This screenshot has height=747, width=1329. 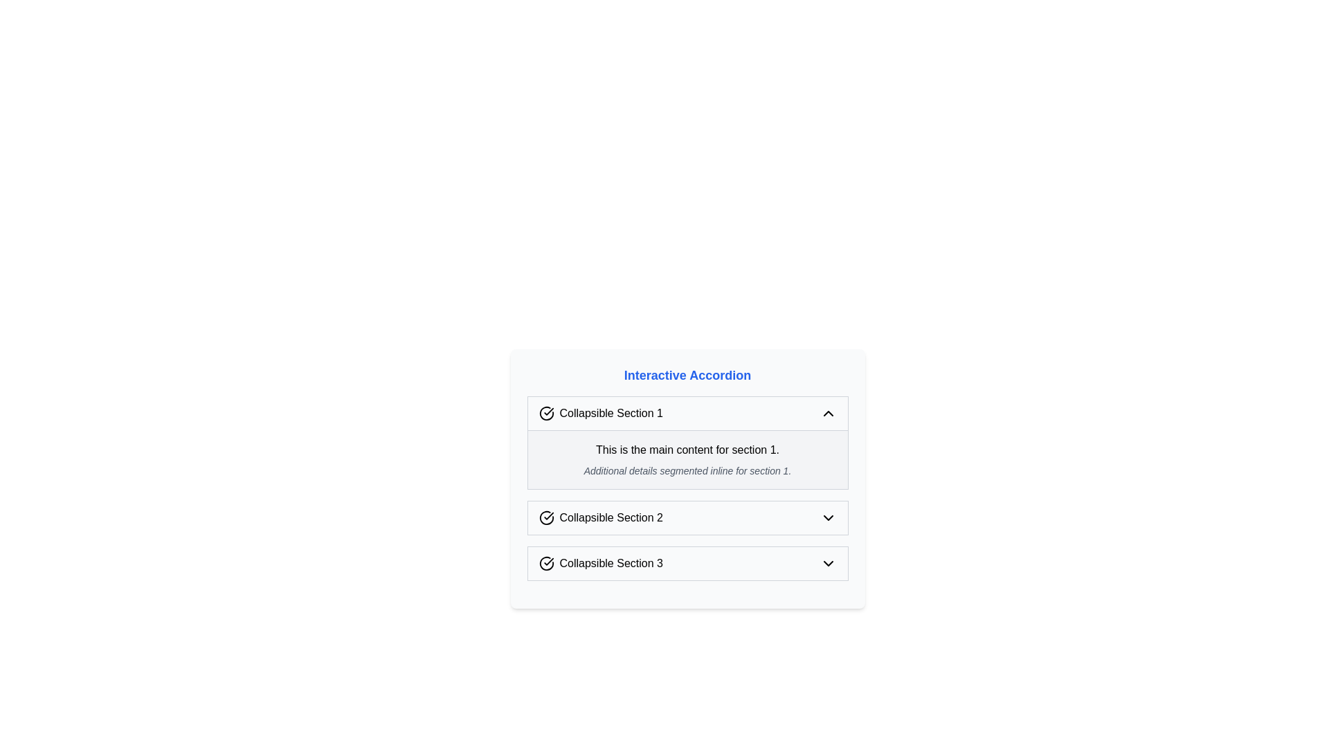 I want to click on the italicized Text label located in the first collapsible section titled 'Collapsible Section 1', which provides supplementary information as the second line of content, so click(x=687, y=470).